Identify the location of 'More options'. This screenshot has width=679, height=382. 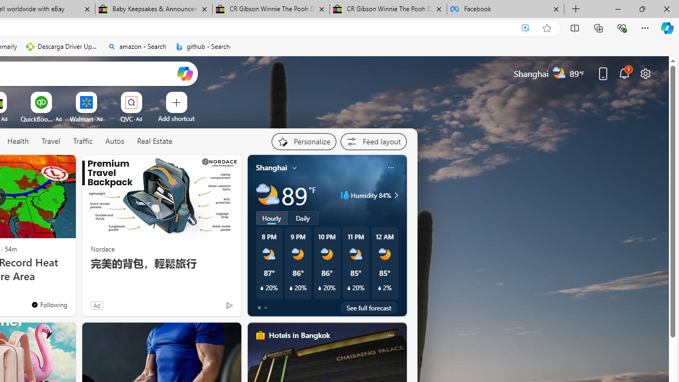
(390, 335).